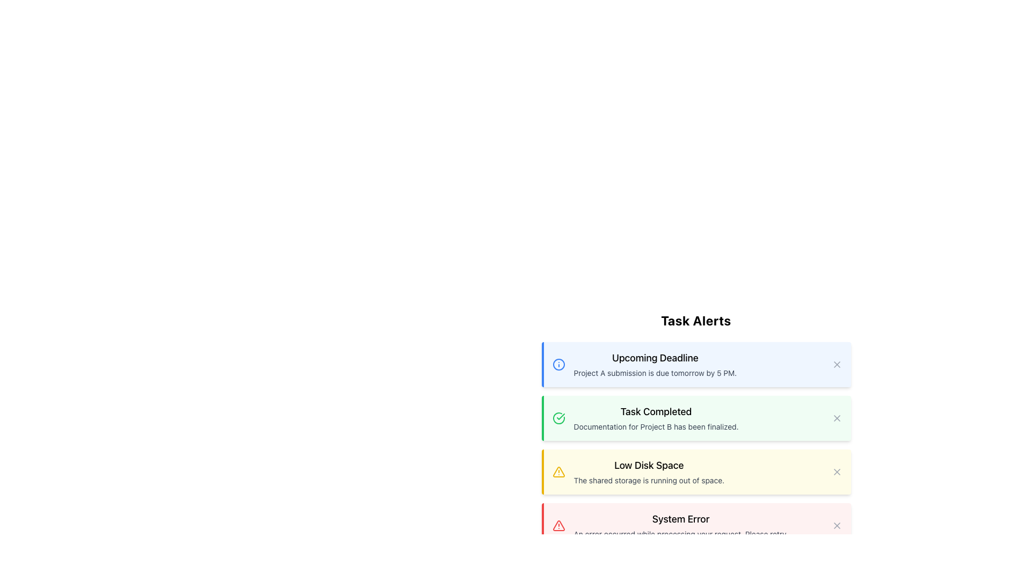  What do you see at coordinates (836, 418) in the screenshot?
I see `the dismiss button located to the far right of the 'Task Completed' item in the list of task alerts` at bounding box center [836, 418].